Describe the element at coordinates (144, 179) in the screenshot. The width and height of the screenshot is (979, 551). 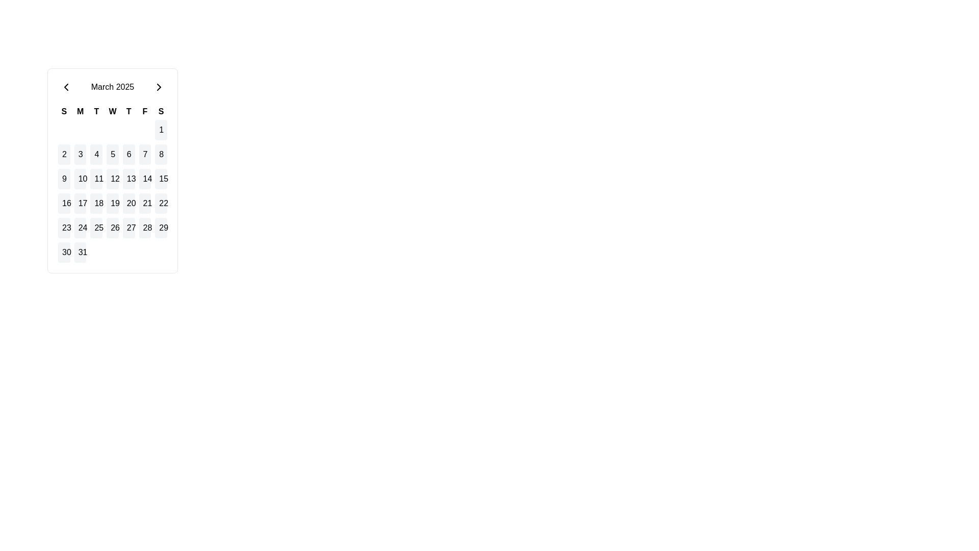
I see `the button displaying '14' in a light gray rounded rectangle, located in the fourth row and sixth column of the calendar under the heading 'F' for Friday` at that location.